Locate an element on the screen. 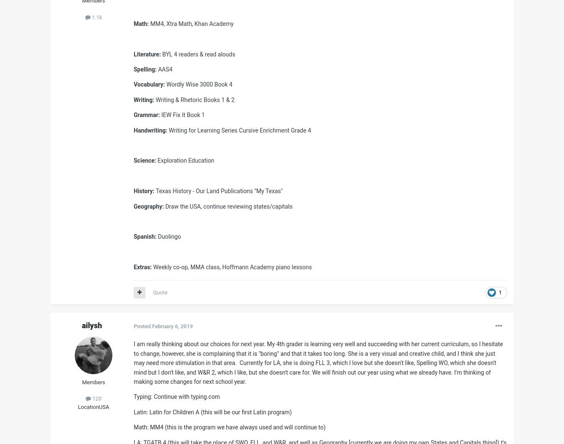 This screenshot has height=444, width=564. 'Duolingo' is located at coordinates (169, 237).